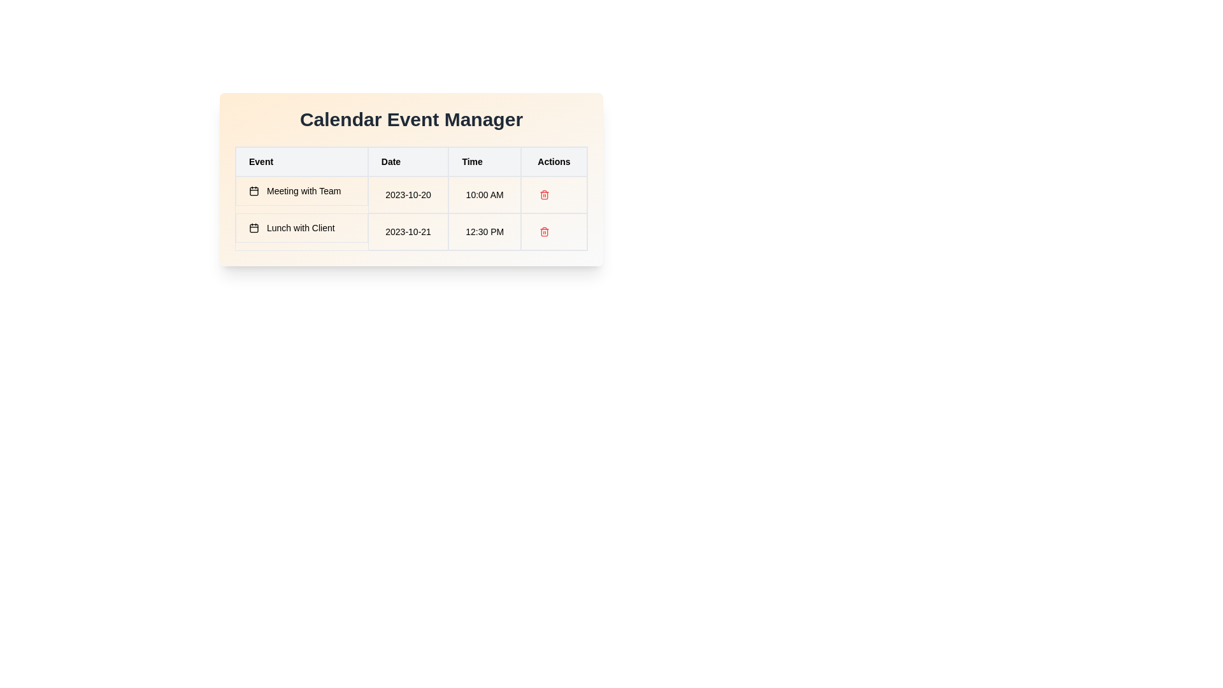 Image resolution: width=1223 pixels, height=688 pixels. I want to click on the table cell displaying '10:00 AM' in the 'Time' column of the first row, which is associated with the event 'Meeting with Team', so click(484, 194).